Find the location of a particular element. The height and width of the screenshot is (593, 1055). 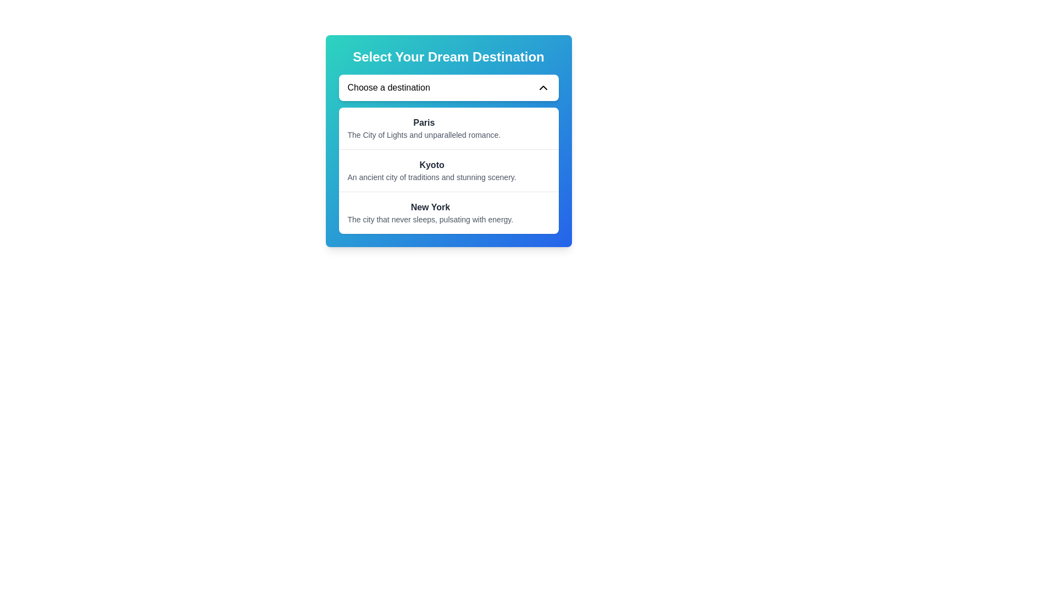

the informational text element located directly below the title 'Kyoto', which is the second line of text under the list item, providing context about the destination is located at coordinates (431, 177).